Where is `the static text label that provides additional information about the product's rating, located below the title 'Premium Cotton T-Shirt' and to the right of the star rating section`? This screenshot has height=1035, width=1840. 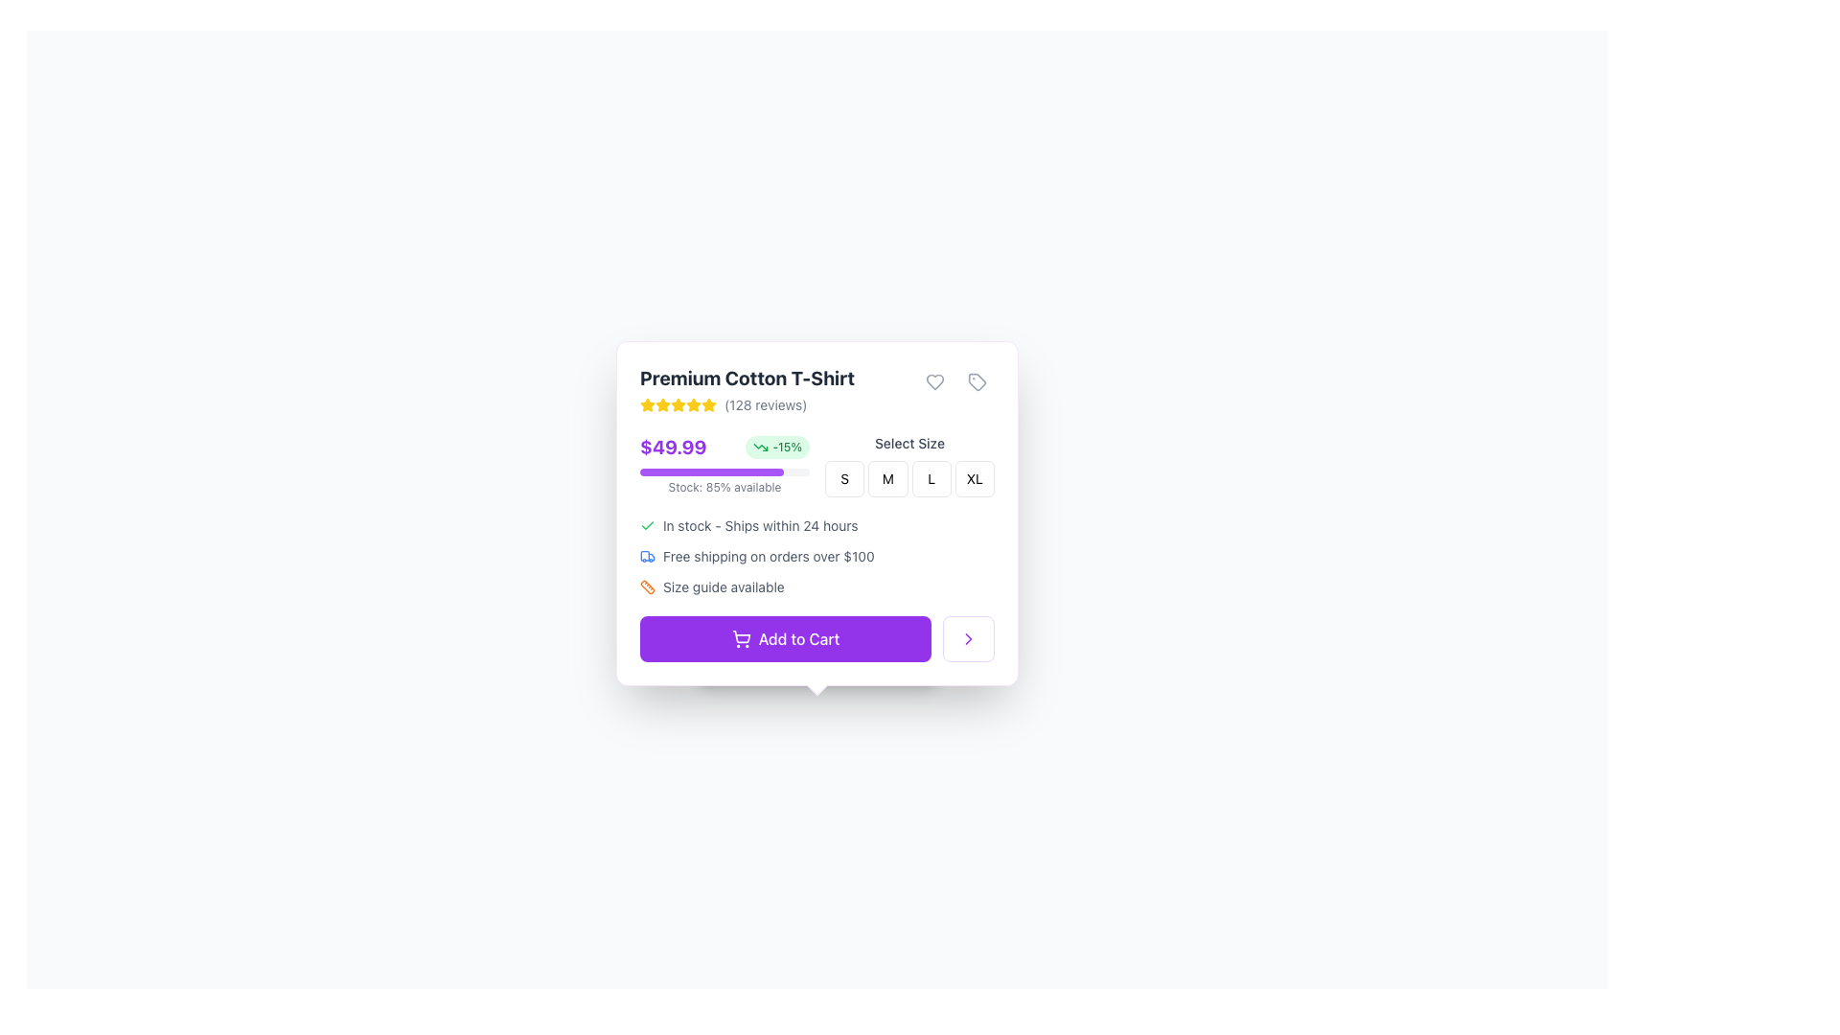
the static text label that provides additional information about the product's rating, located below the title 'Premium Cotton T-Shirt' and to the right of the star rating section is located at coordinates (746, 404).